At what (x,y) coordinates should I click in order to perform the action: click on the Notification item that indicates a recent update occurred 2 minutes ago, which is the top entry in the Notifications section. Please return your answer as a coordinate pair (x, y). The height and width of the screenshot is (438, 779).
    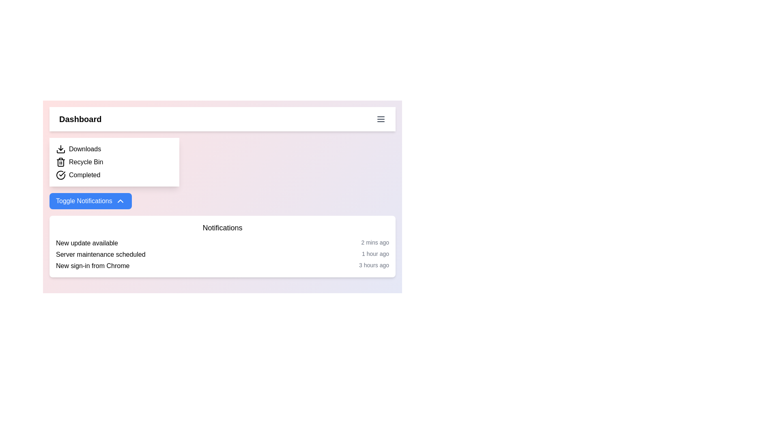
    Looking at the image, I should click on (222, 243).